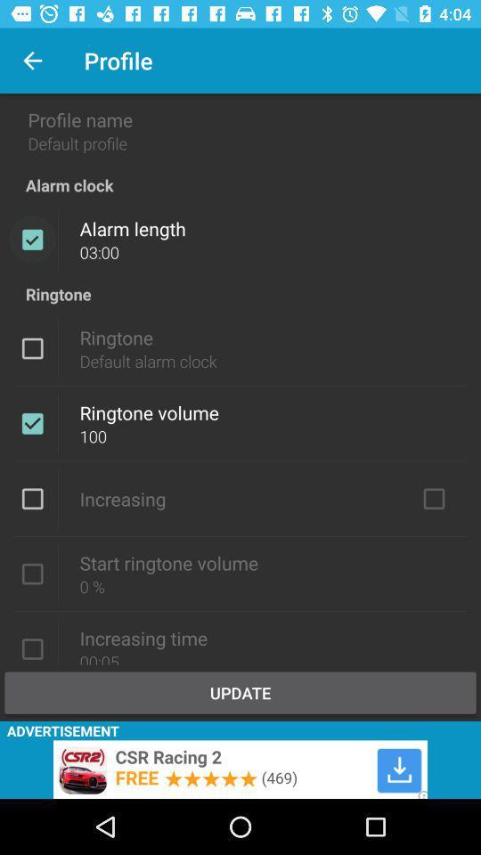  I want to click on activate ringtone, so click(32, 347).